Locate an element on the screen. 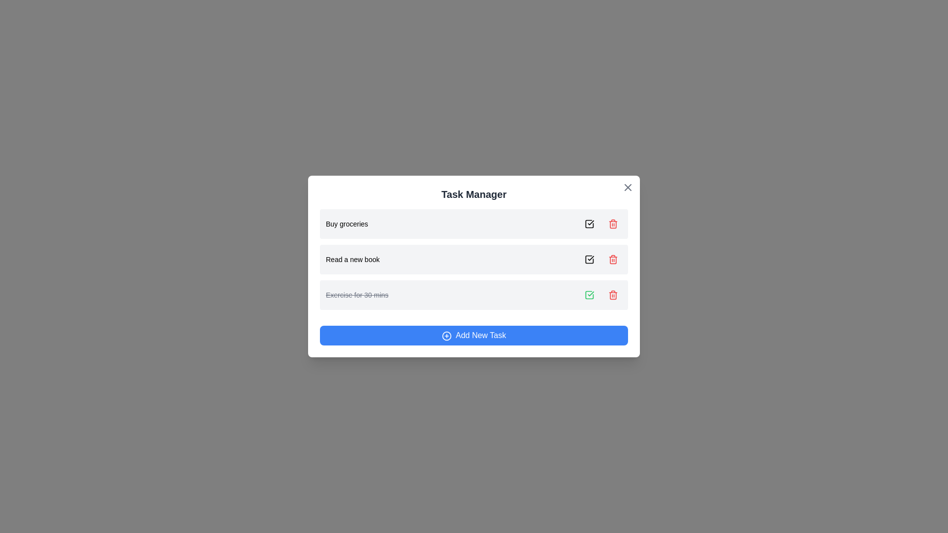  the text element reading 'Read a new book', which is the main text of the second task card in the task manager interface is located at coordinates (353, 259).